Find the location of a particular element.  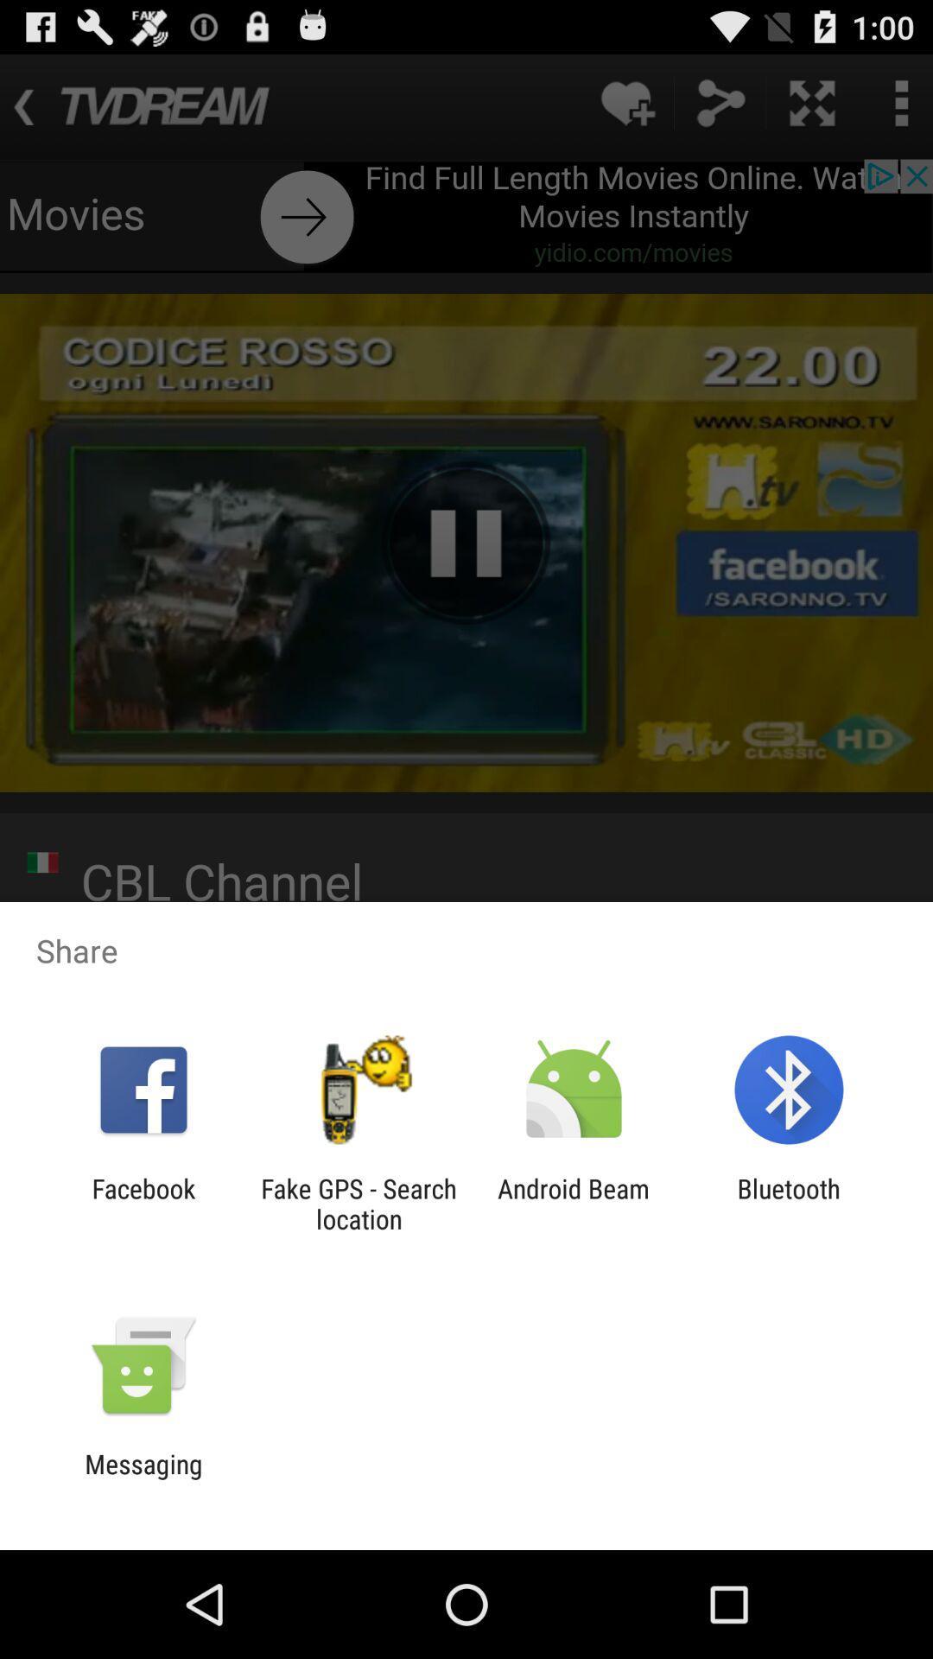

icon to the right of android beam app is located at coordinates (789, 1203).